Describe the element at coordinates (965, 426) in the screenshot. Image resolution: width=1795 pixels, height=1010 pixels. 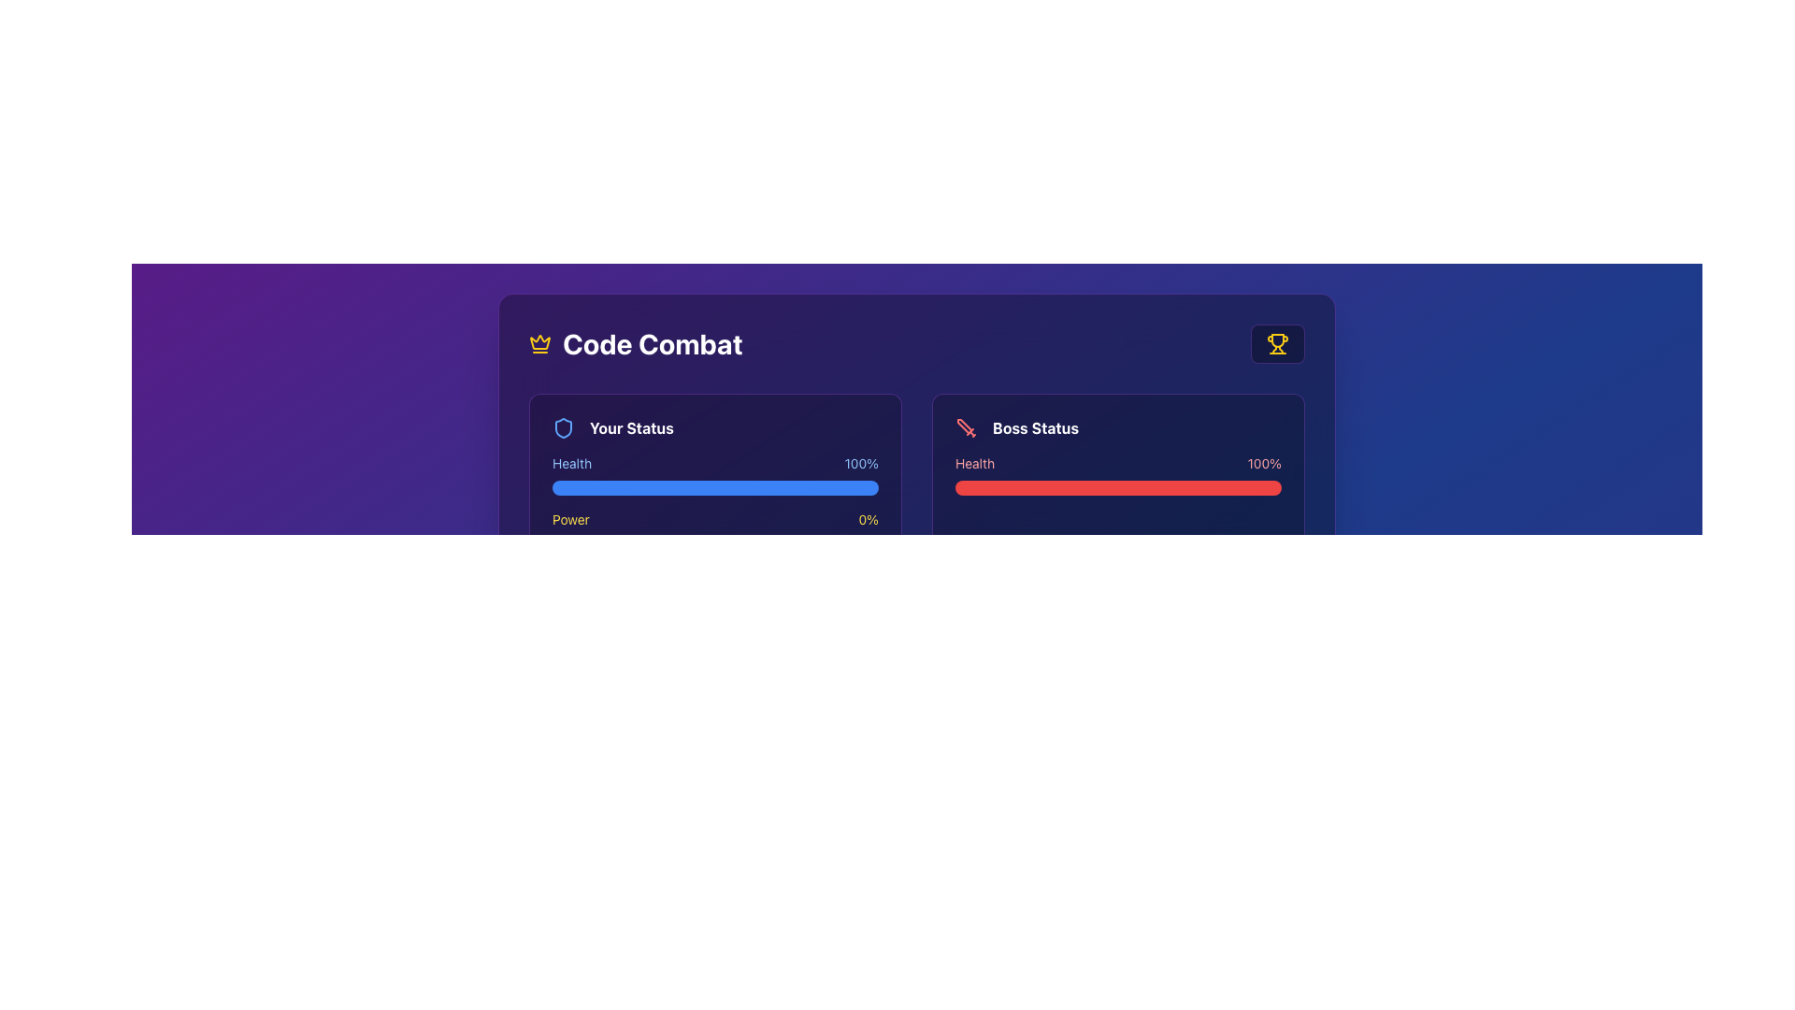
I see `the small triangular SVG vector graphic, which is the leftmost element of the sword-like icon in the top-right corner of the 'Boss Status' card` at that location.